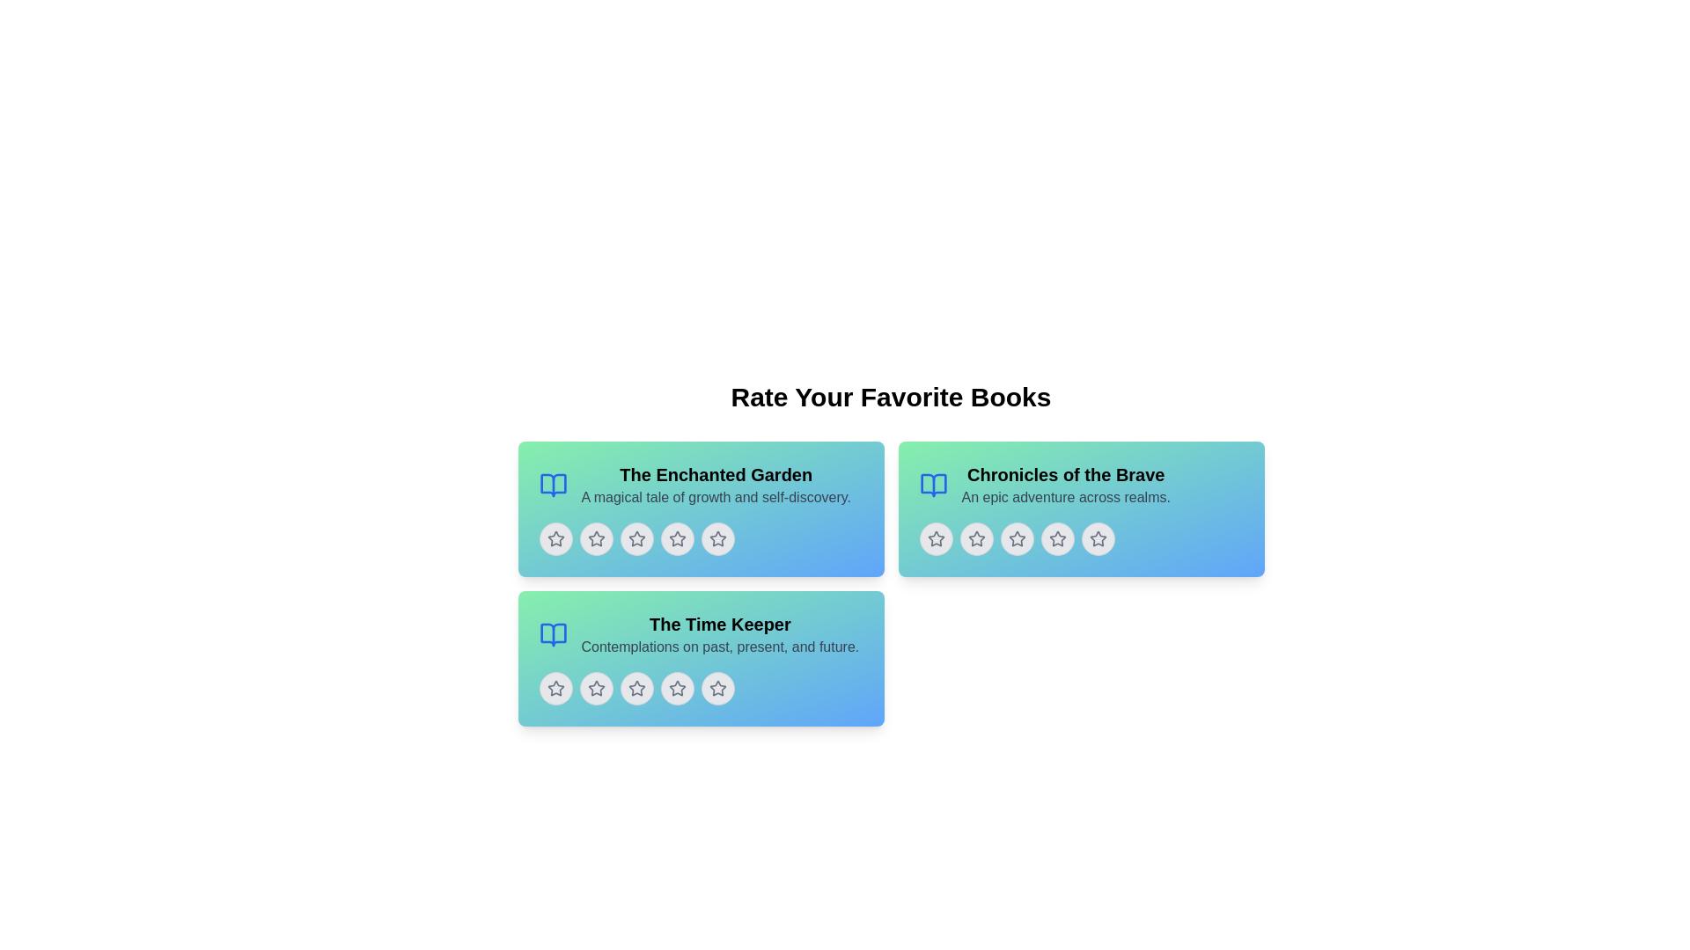  Describe the element at coordinates (552, 485) in the screenshot. I see `the decorative book icon located at the top-left corner of 'The Enchanted Garden' card, which is positioned to the left of the title text and above the star rating components` at that location.